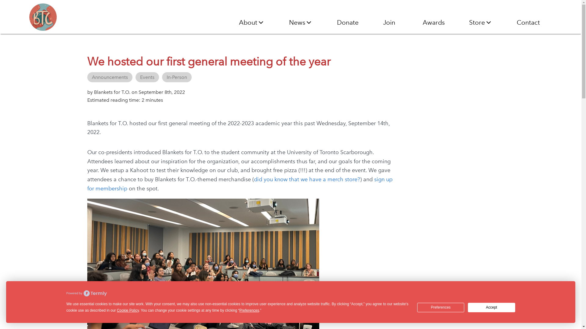  What do you see at coordinates (382, 22) in the screenshot?
I see `'Join'` at bounding box center [382, 22].